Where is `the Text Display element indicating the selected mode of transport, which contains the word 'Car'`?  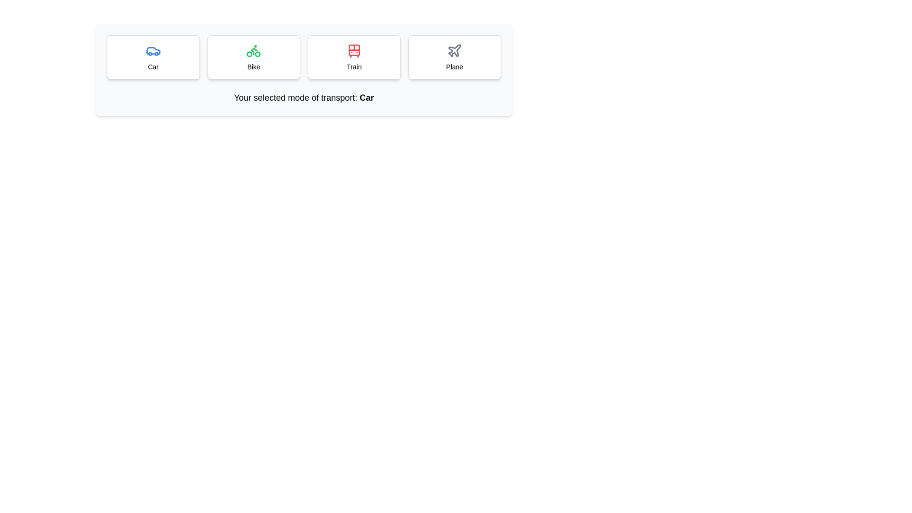
the Text Display element indicating the selected mode of transport, which contains the word 'Car' is located at coordinates (366, 97).